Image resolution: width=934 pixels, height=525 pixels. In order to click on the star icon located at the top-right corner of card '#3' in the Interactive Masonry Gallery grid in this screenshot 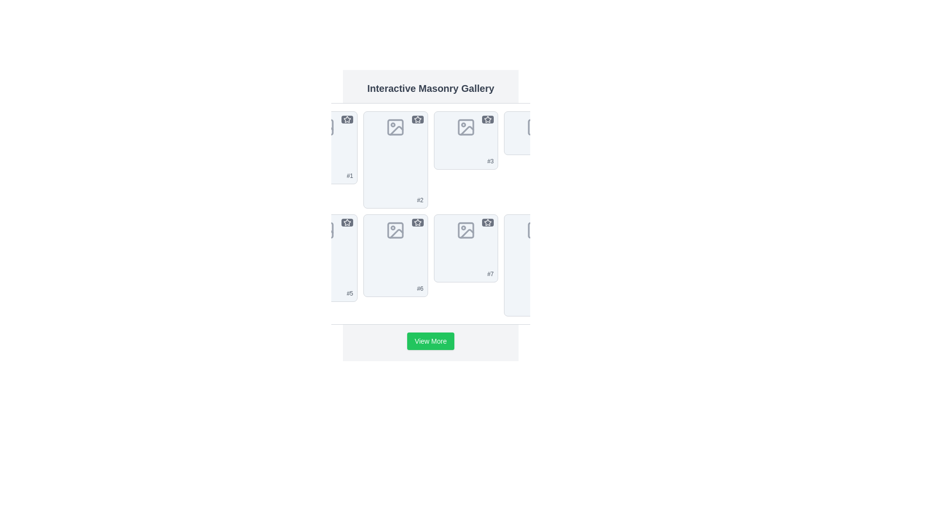, I will do `click(488, 119)`.